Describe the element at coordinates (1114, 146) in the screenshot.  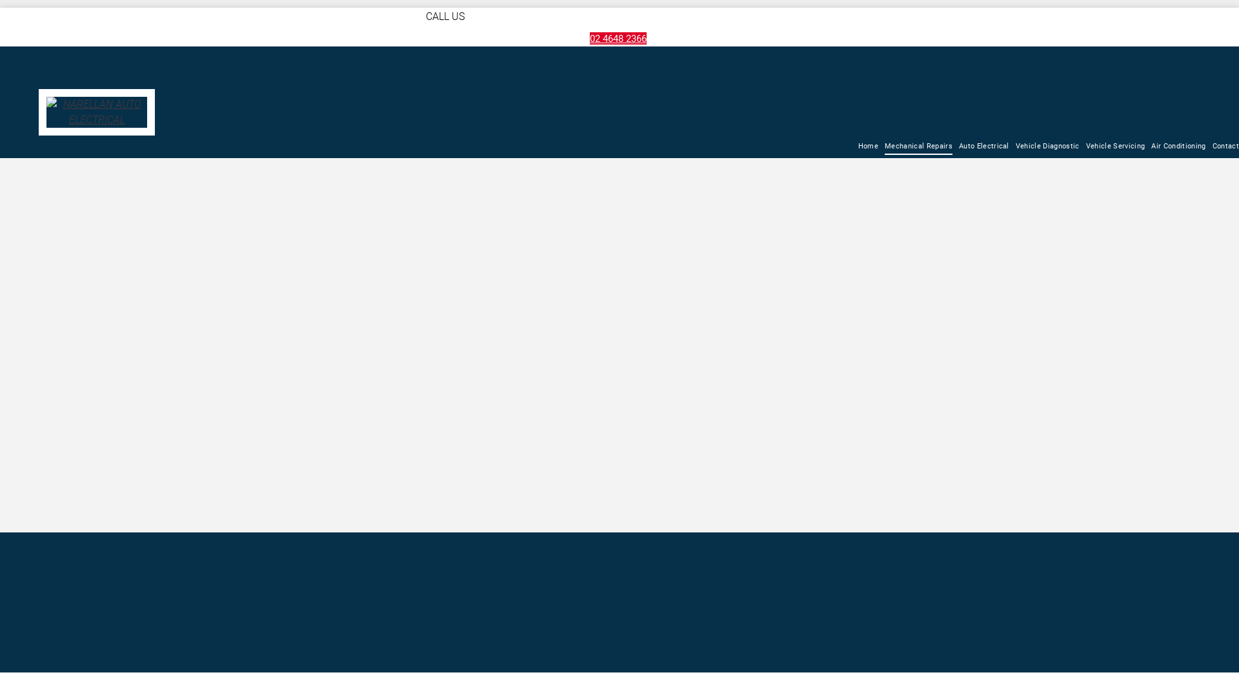
I see `'Vehicle Servicing'` at that location.